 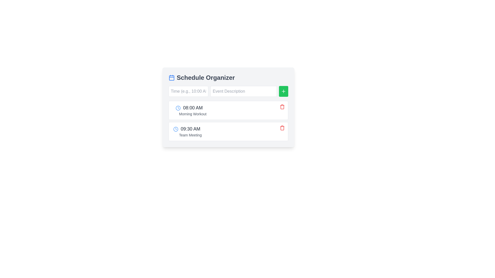 I want to click on the Text Display with Icon that shows '09:30 AM' in large bold gray text, located in the left section of the second row in the scheduling details, so click(x=186, y=129).